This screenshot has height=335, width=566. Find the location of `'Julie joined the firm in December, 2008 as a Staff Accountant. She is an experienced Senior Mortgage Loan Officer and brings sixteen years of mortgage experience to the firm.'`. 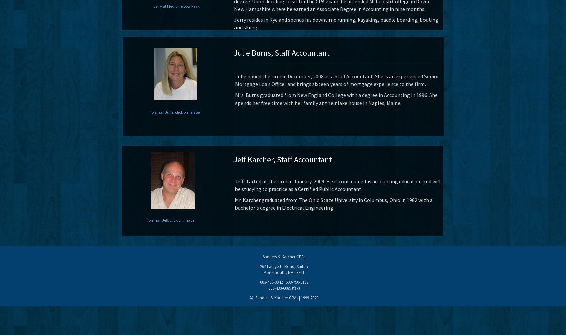

'Julie joined the firm in December, 2008 as a Staff Accountant. She is an experienced Senior Mortgage Loan Officer and brings sixteen years of mortgage experience to the firm.' is located at coordinates (337, 80).